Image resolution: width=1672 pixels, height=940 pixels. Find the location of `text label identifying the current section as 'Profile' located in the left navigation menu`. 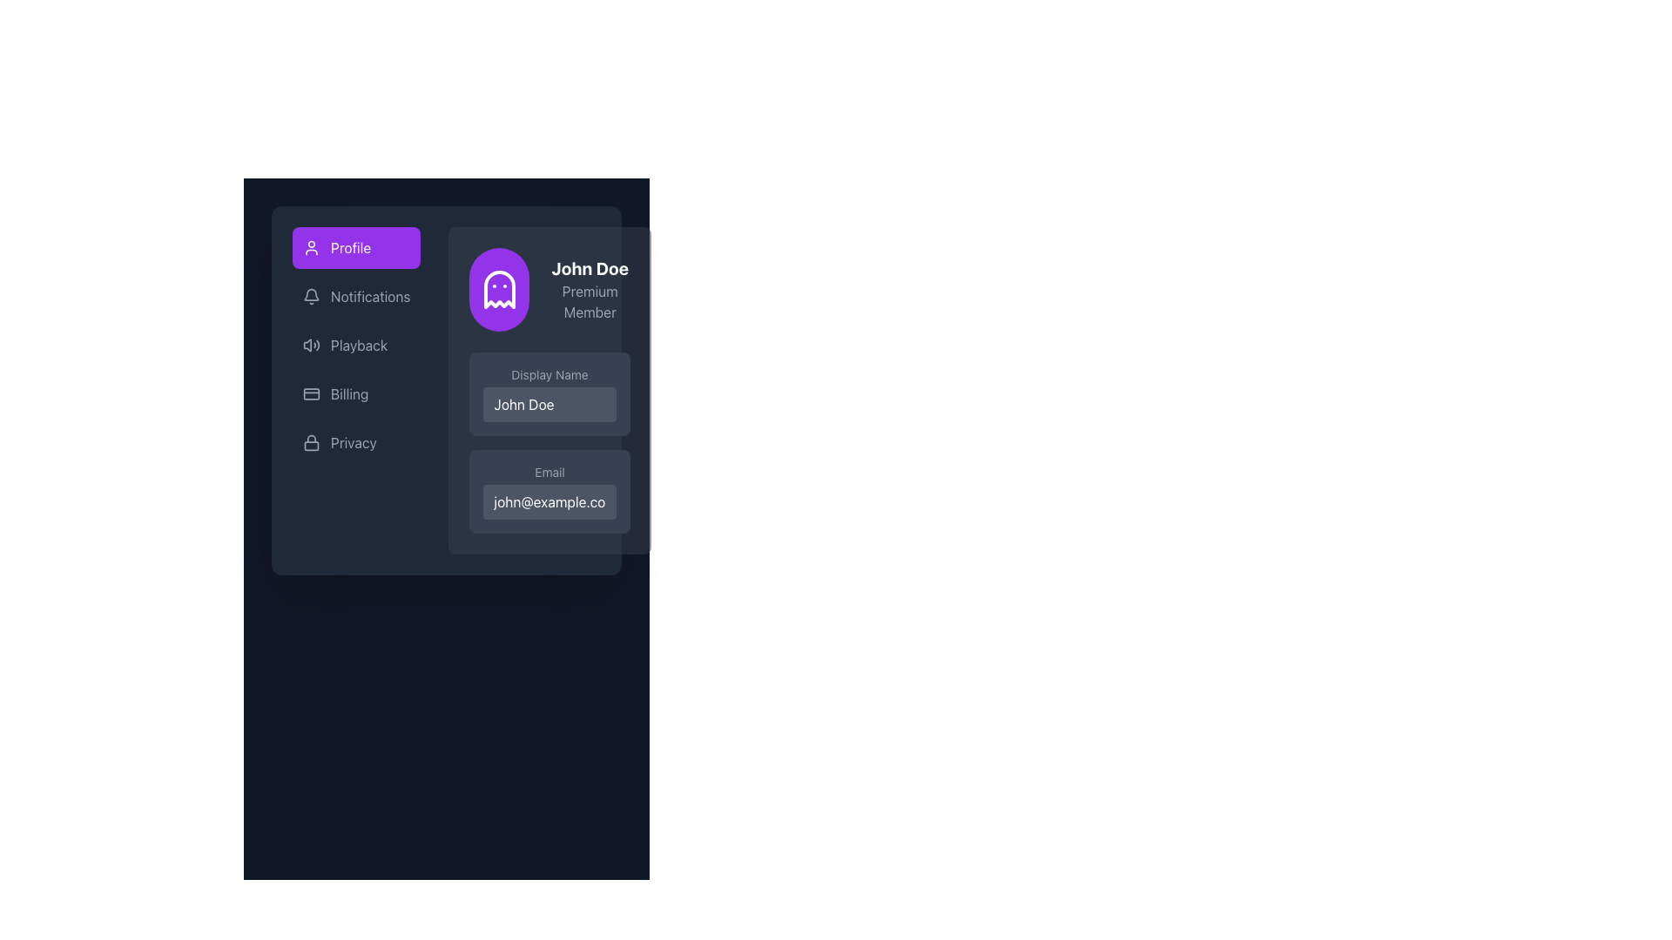

text label identifying the current section as 'Profile' located in the left navigation menu is located at coordinates (350, 248).